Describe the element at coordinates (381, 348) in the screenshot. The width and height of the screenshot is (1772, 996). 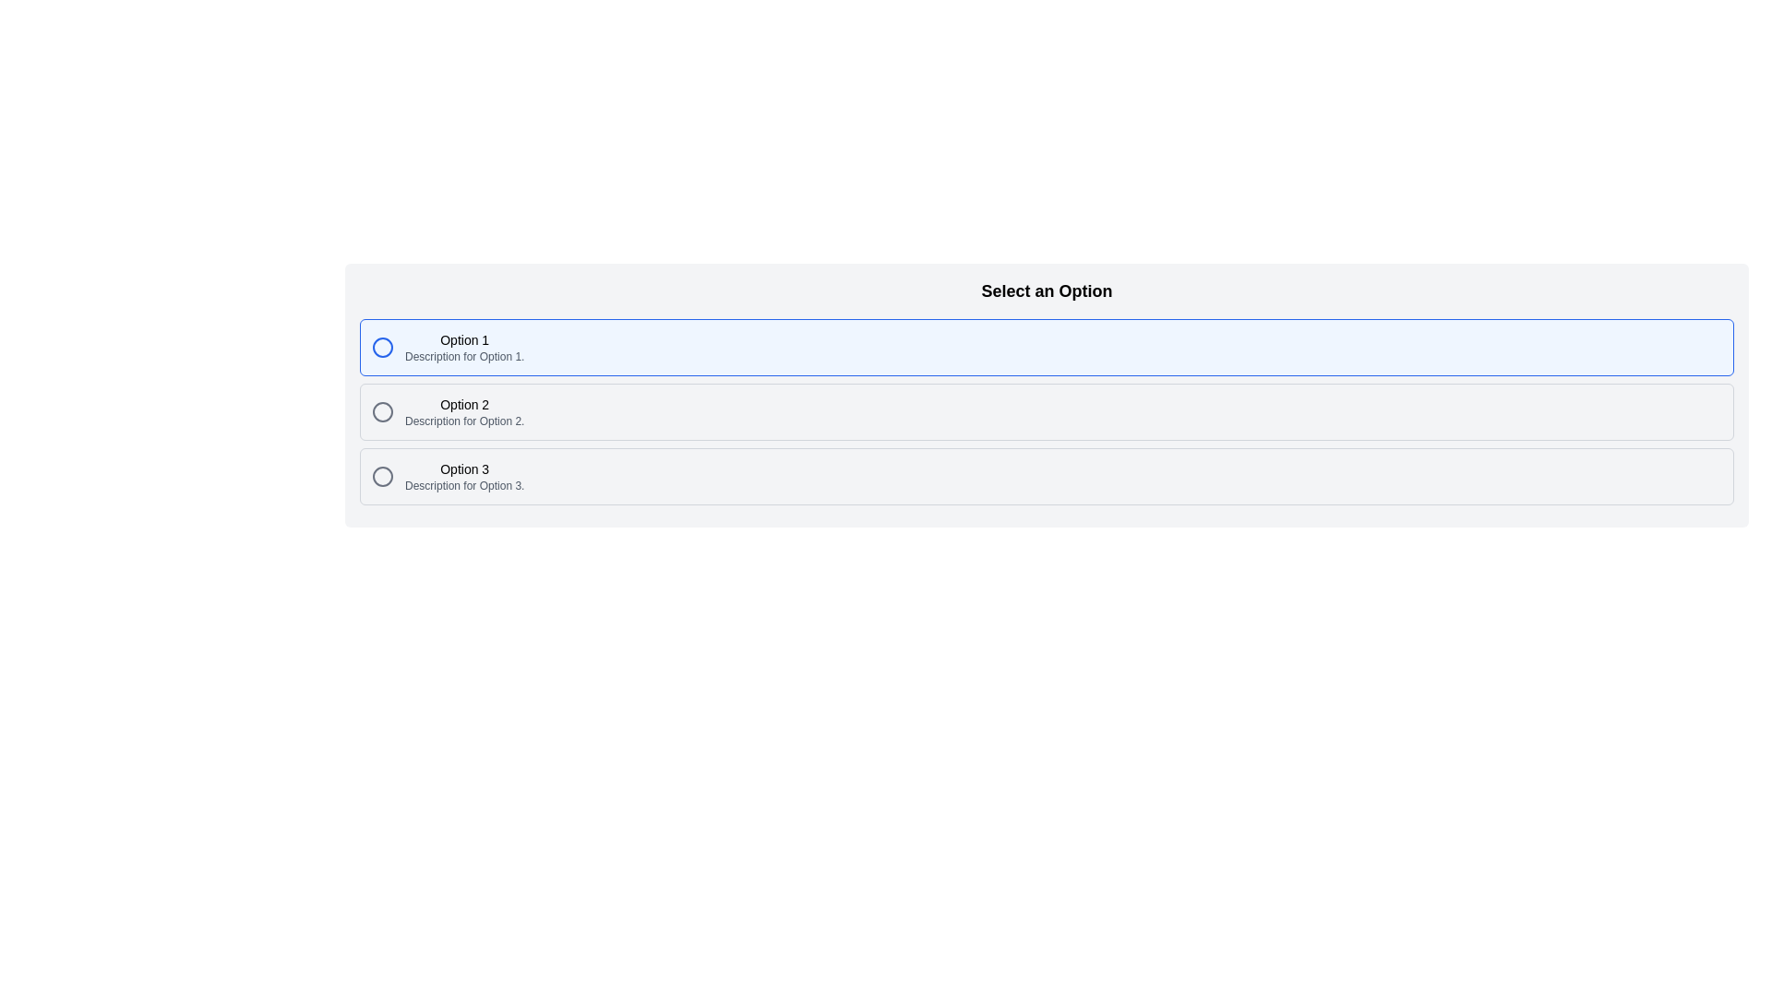
I see `the radio button associated with 'Option 1'` at that location.